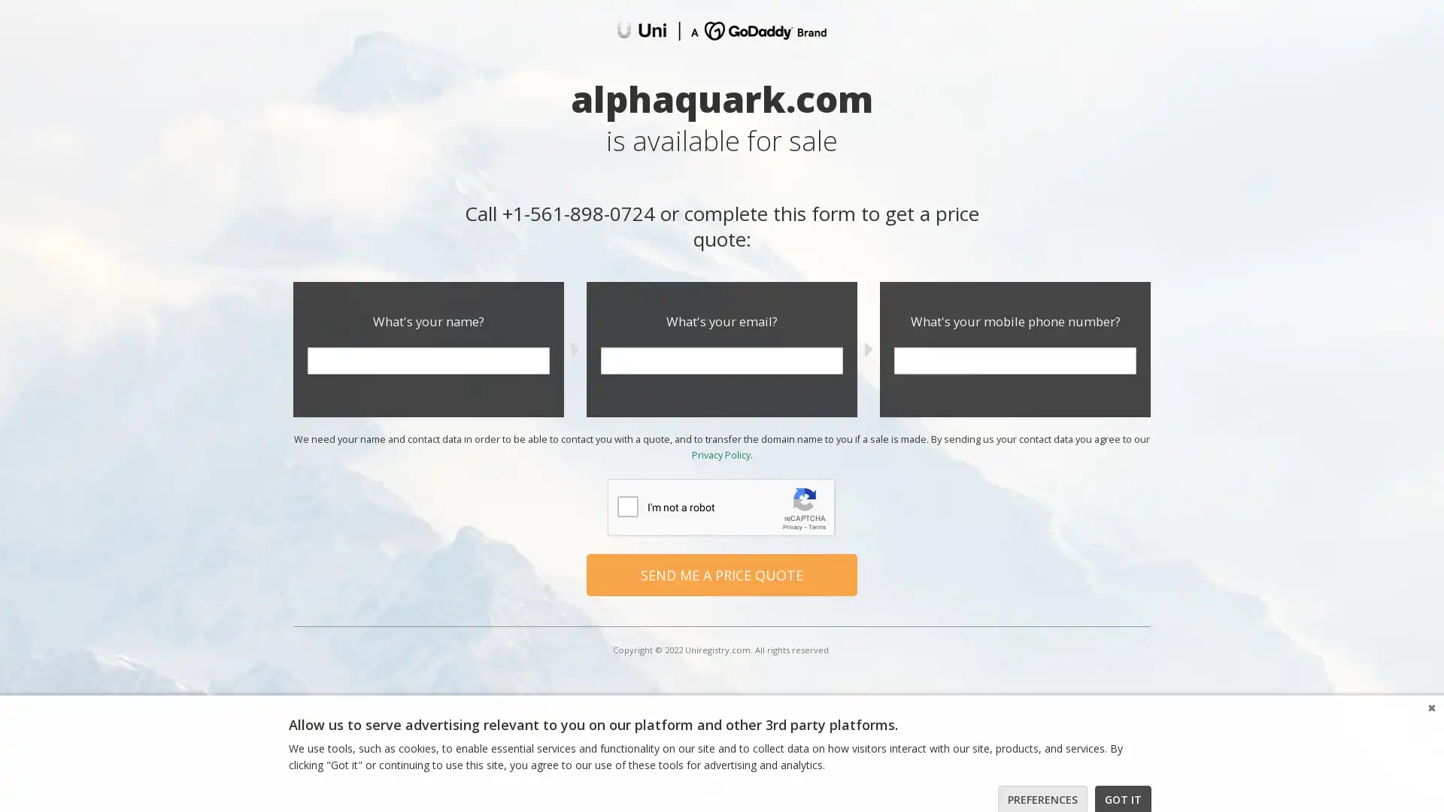 The image size is (1444, 812). I want to click on SEND ME A PRICE QUOTE, so click(722, 574).